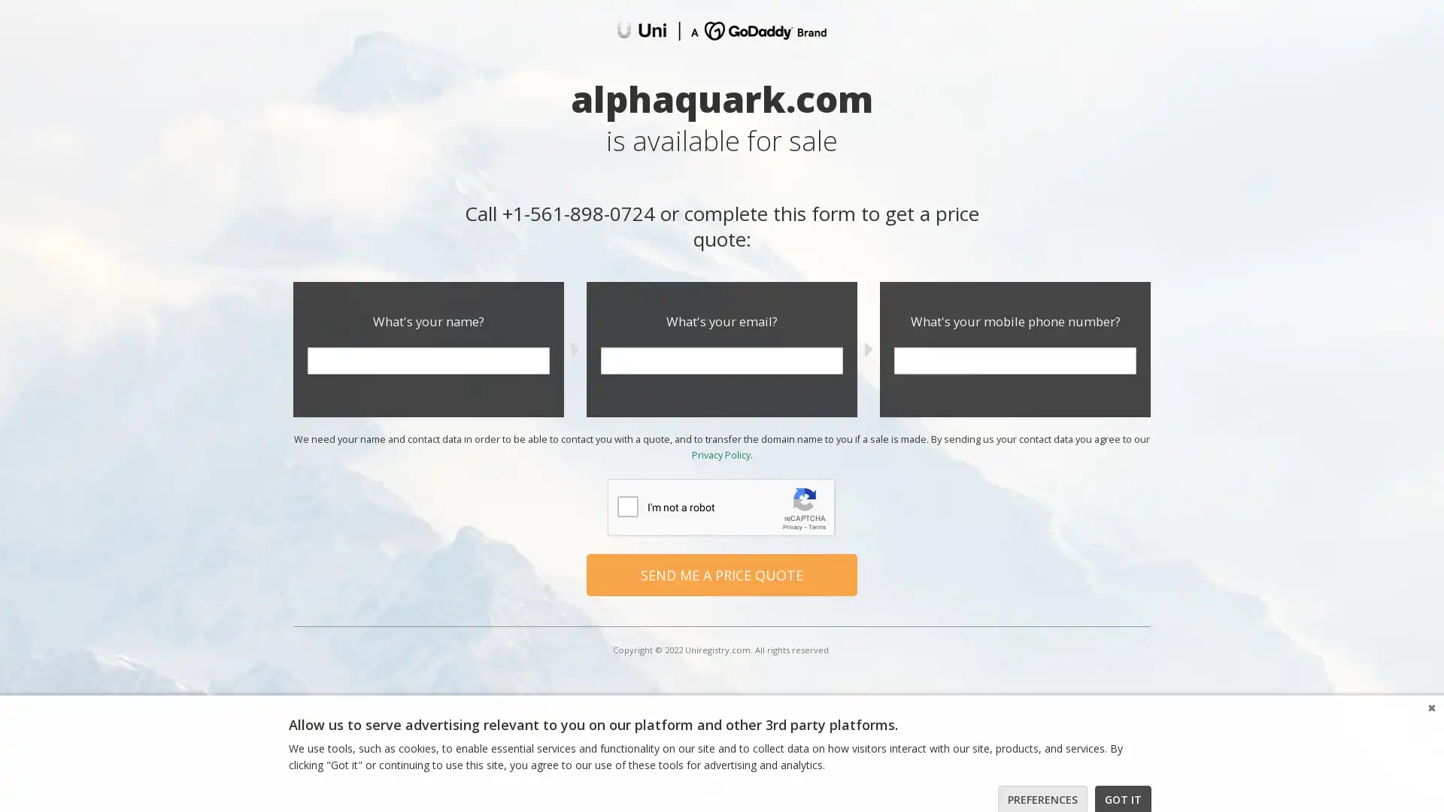 The image size is (1444, 812). I want to click on SEND ME A PRICE QUOTE, so click(722, 574).